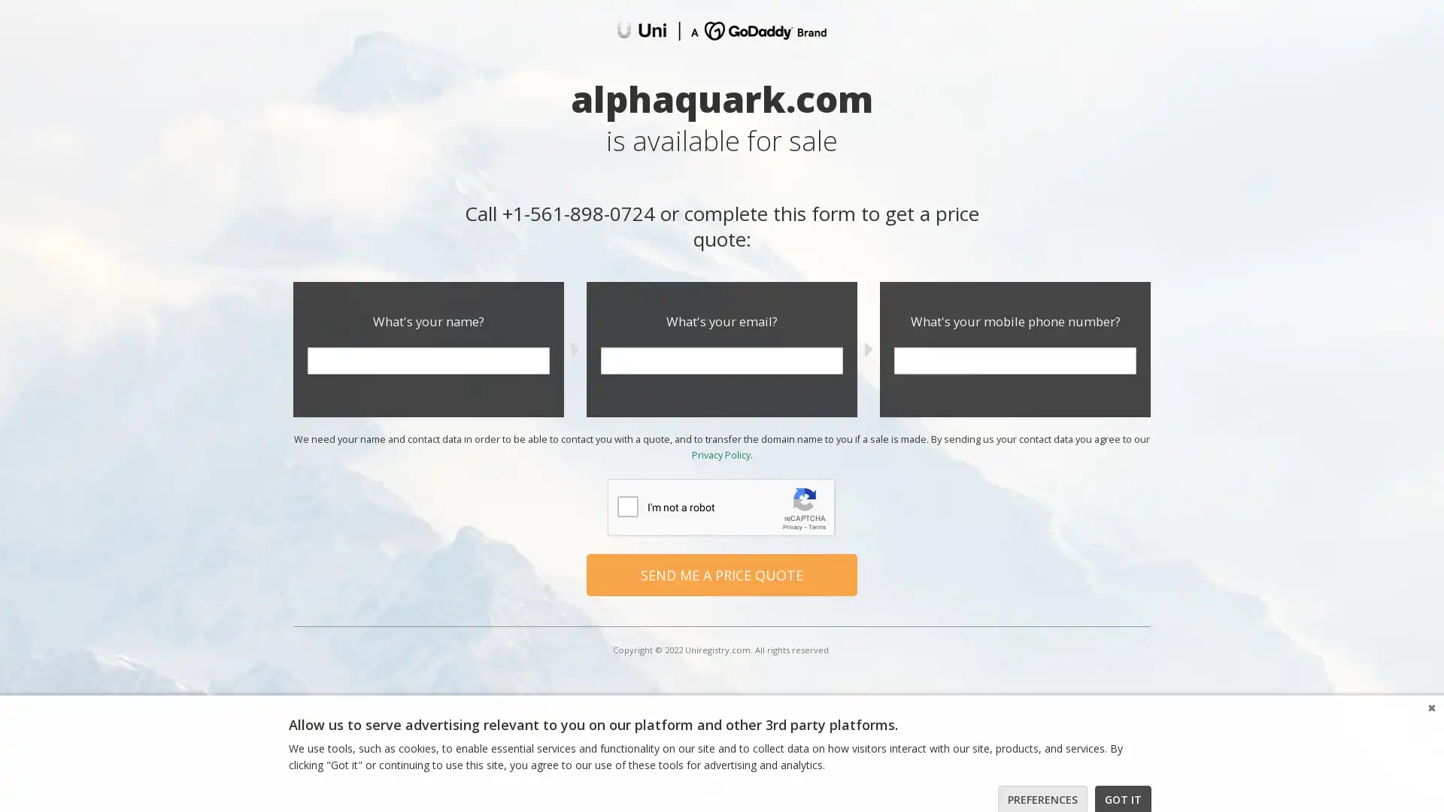 The image size is (1444, 812). I want to click on SEND ME A PRICE QUOTE, so click(722, 574).